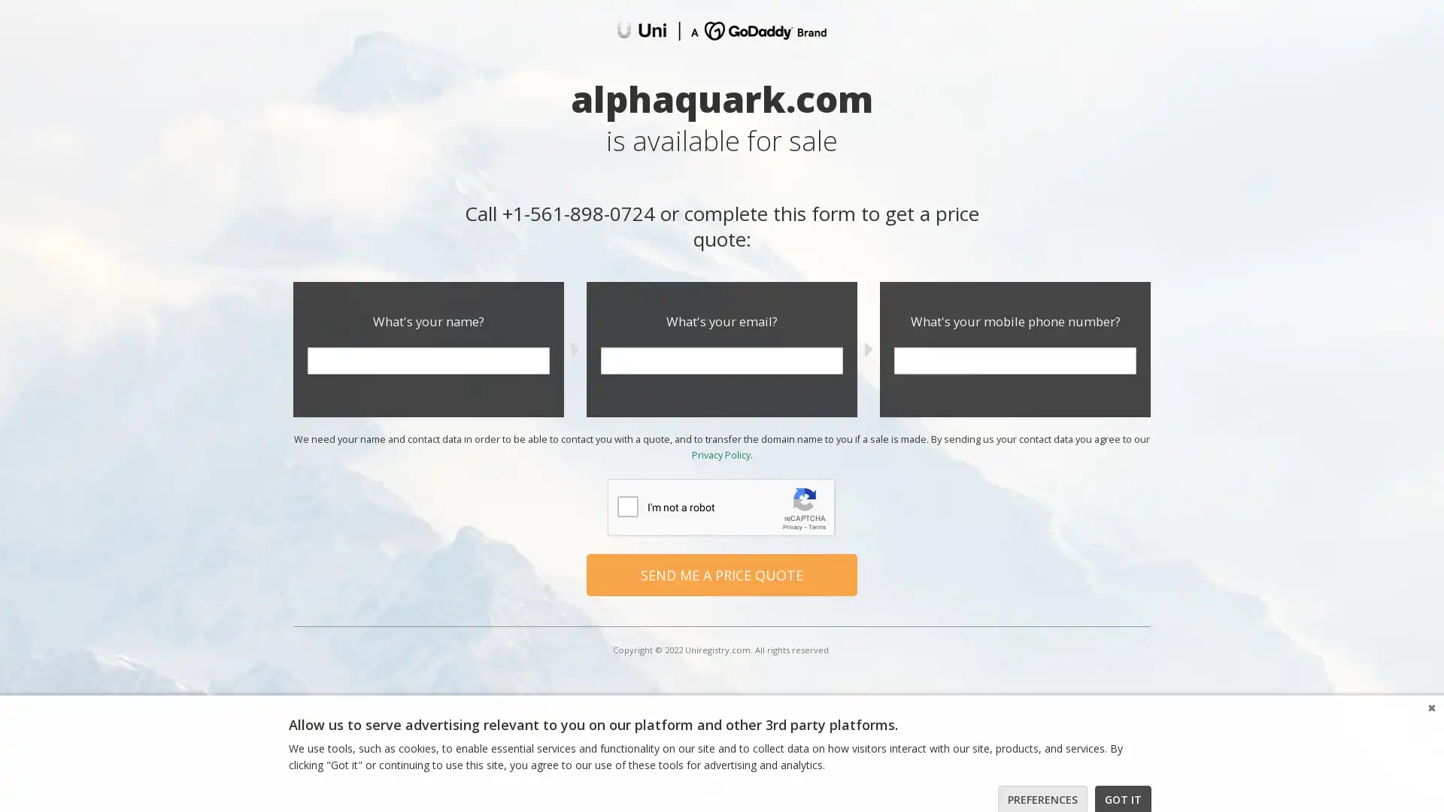 The image size is (1444, 812). I want to click on SEND ME A PRICE QUOTE, so click(722, 574).